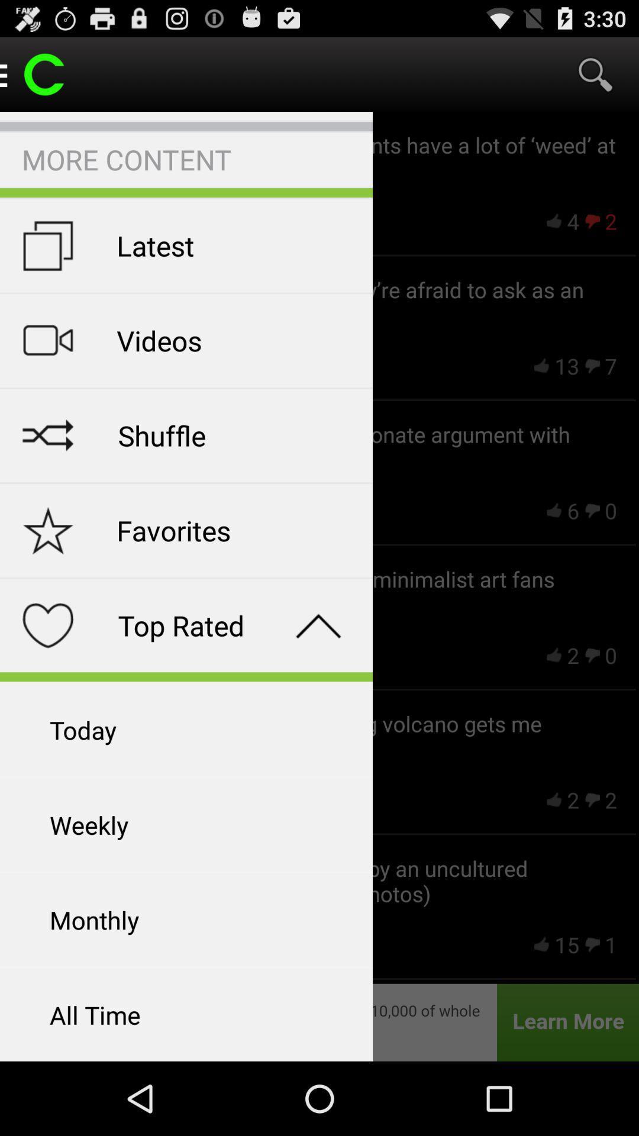  Describe the element at coordinates (554, 654) in the screenshot. I see `likes icon at 4th line` at that location.